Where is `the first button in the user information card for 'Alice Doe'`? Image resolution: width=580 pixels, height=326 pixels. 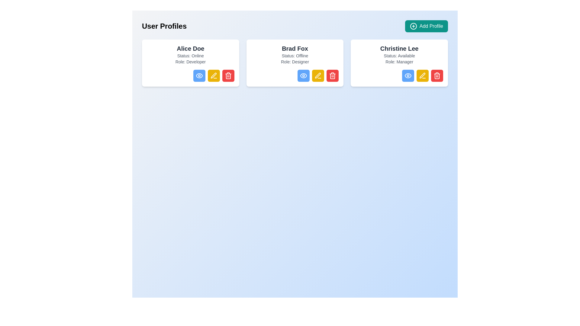 the first button in the user information card for 'Alice Doe' is located at coordinates (190, 75).